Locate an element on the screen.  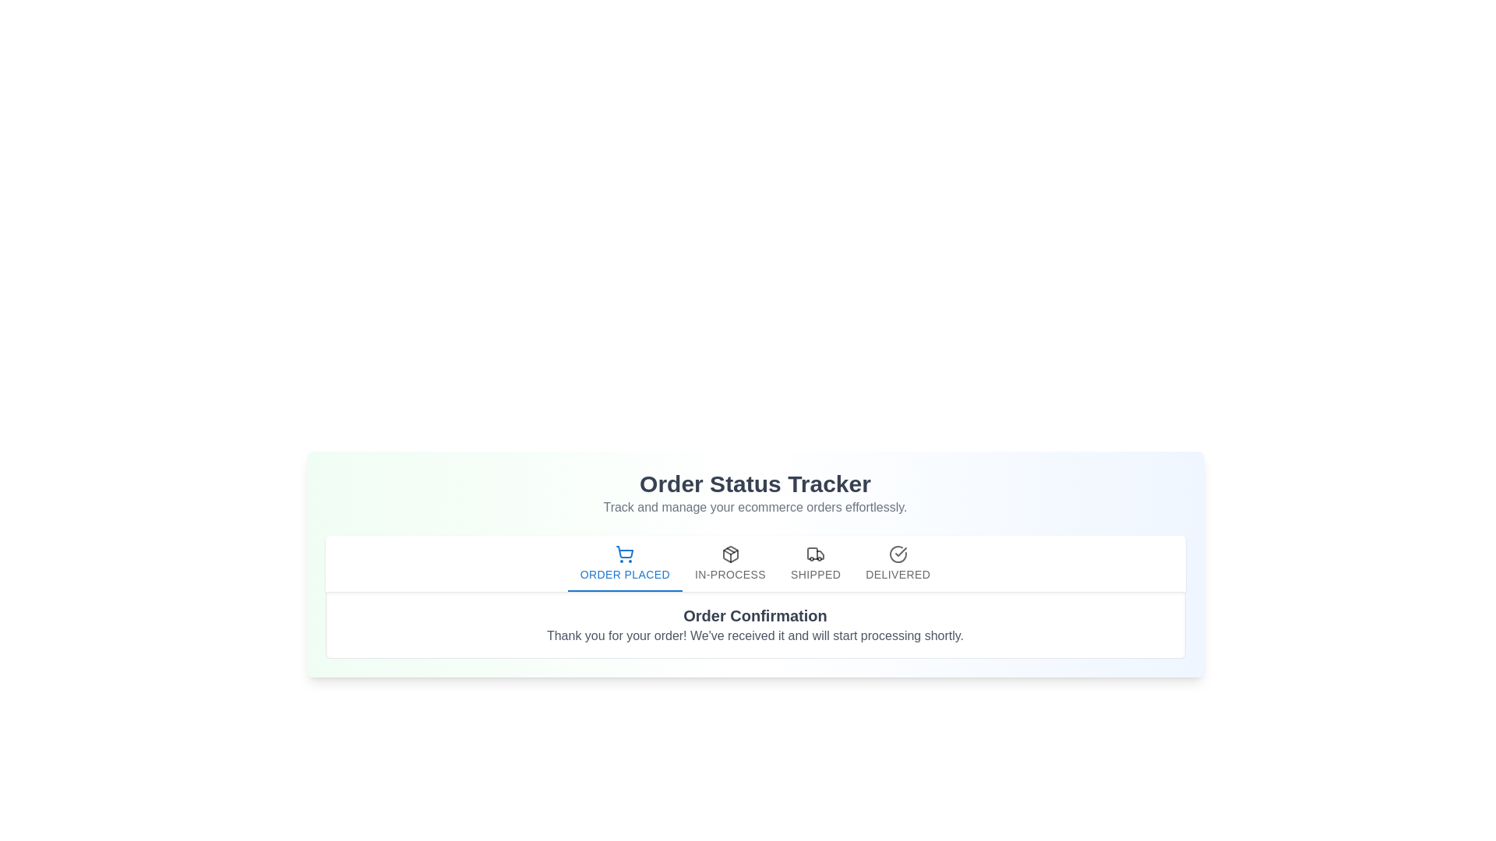
the tab navigation bar that functions as a status tracker for order processes, positioned under 'Order Status Tracker' and above 'Order Confirmation' is located at coordinates (755, 564).